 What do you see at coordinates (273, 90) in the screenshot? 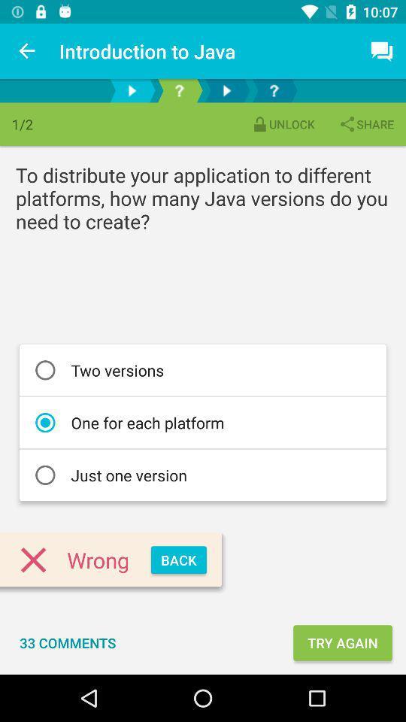
I see `open step for the quest` at bounding box center [273, 90].